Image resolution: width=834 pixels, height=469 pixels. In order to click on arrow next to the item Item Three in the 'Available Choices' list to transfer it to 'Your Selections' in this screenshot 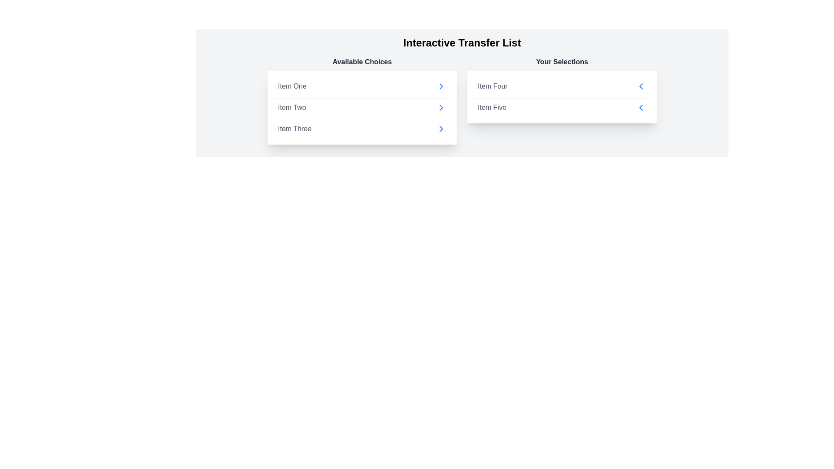, I will do `click(441, 129)`.